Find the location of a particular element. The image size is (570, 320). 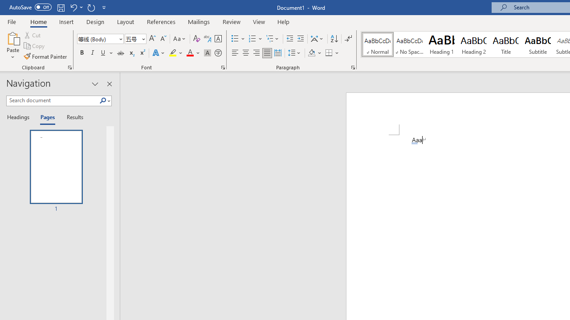

'Character Border' is located at coordinates (218, 38).